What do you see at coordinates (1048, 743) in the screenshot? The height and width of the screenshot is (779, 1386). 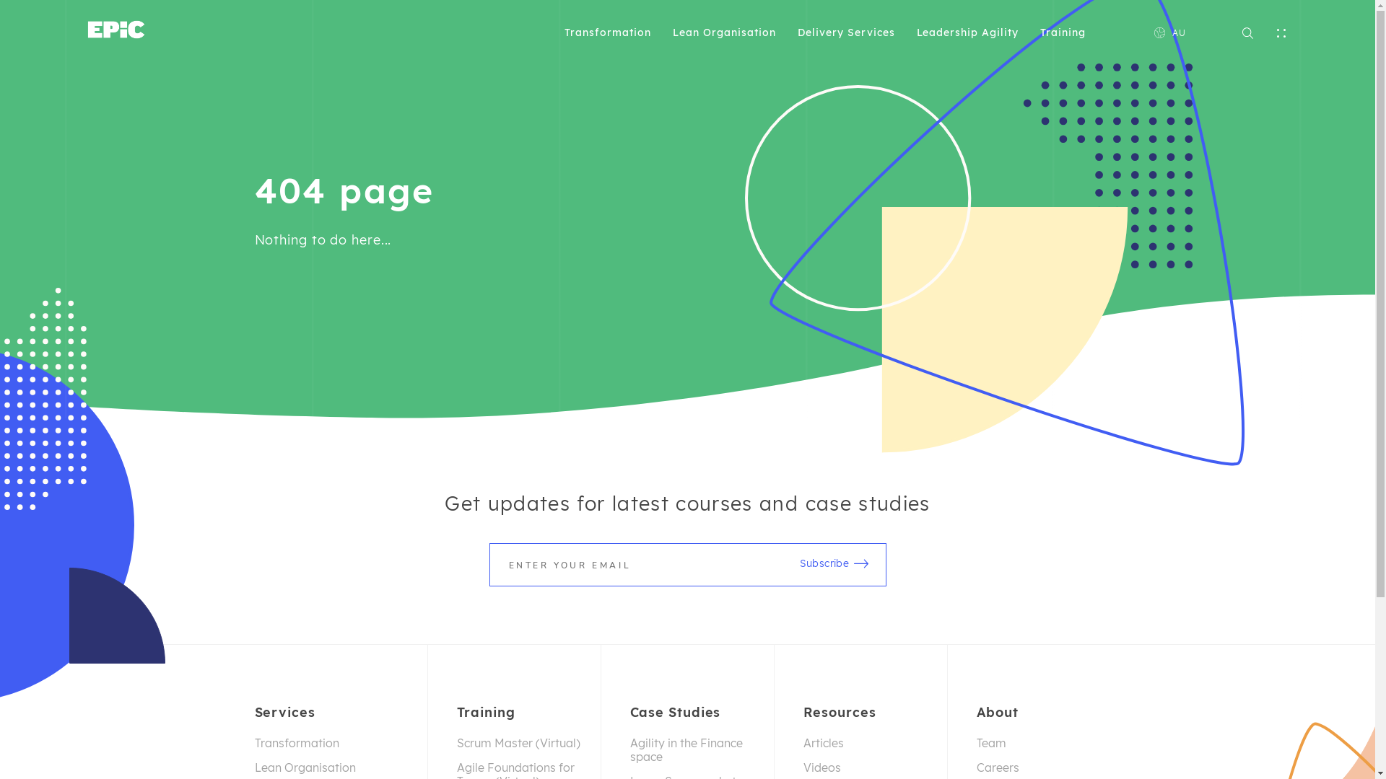 I see `'Team'` at bounding box center [1048, 743].